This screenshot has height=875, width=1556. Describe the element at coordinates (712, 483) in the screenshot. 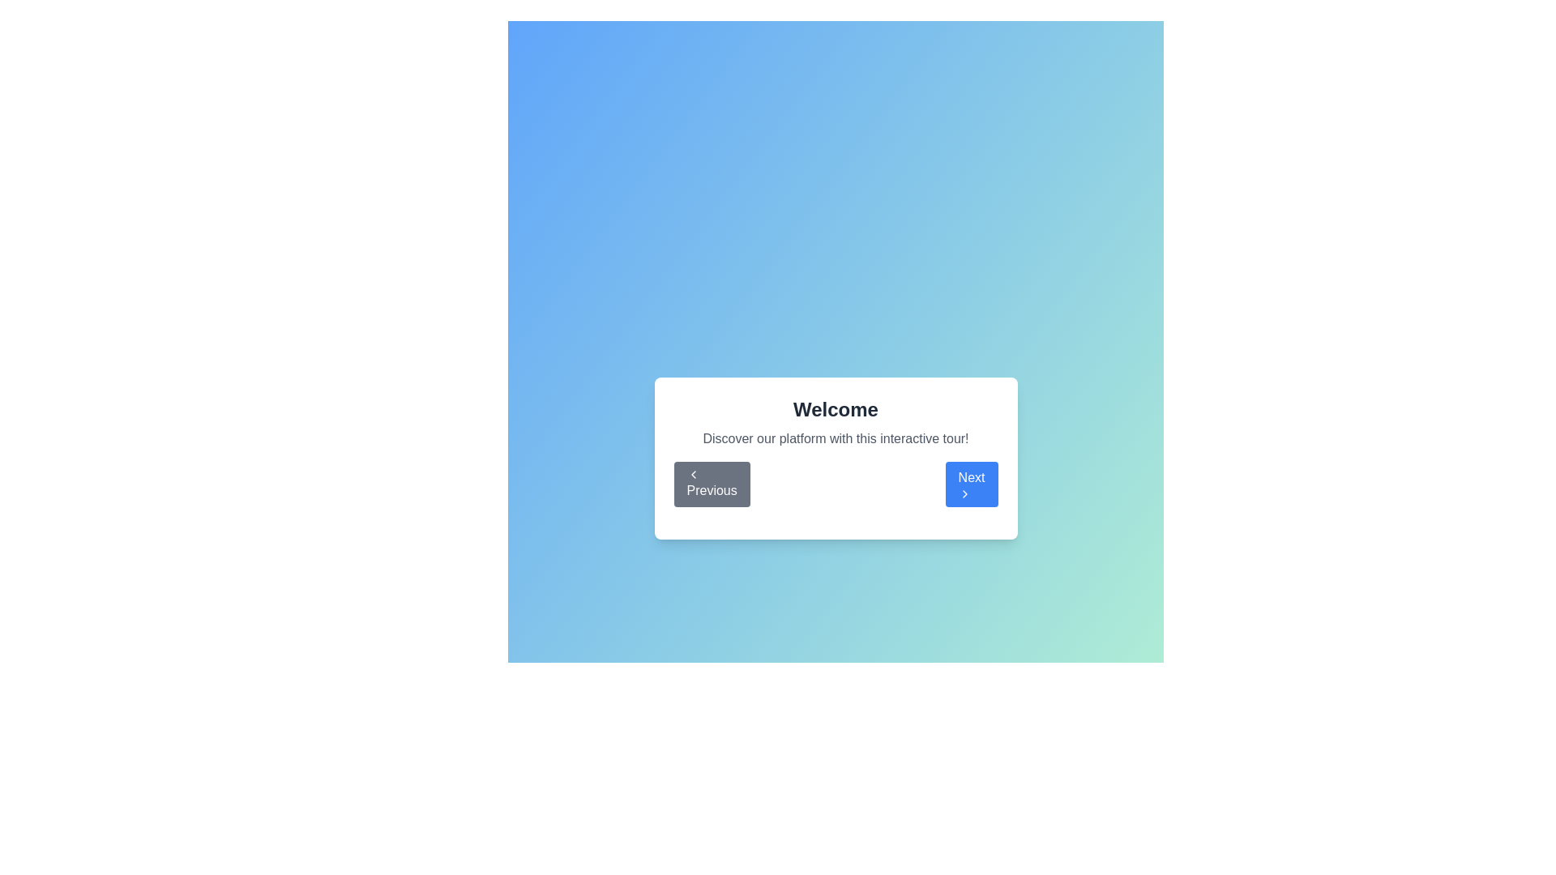

I see `the 'Previous' button, which has rounded corners, a gray background that darkens on hover, and contains the label 'Previous' in white text with a left-pointing chevron icon` at that location.